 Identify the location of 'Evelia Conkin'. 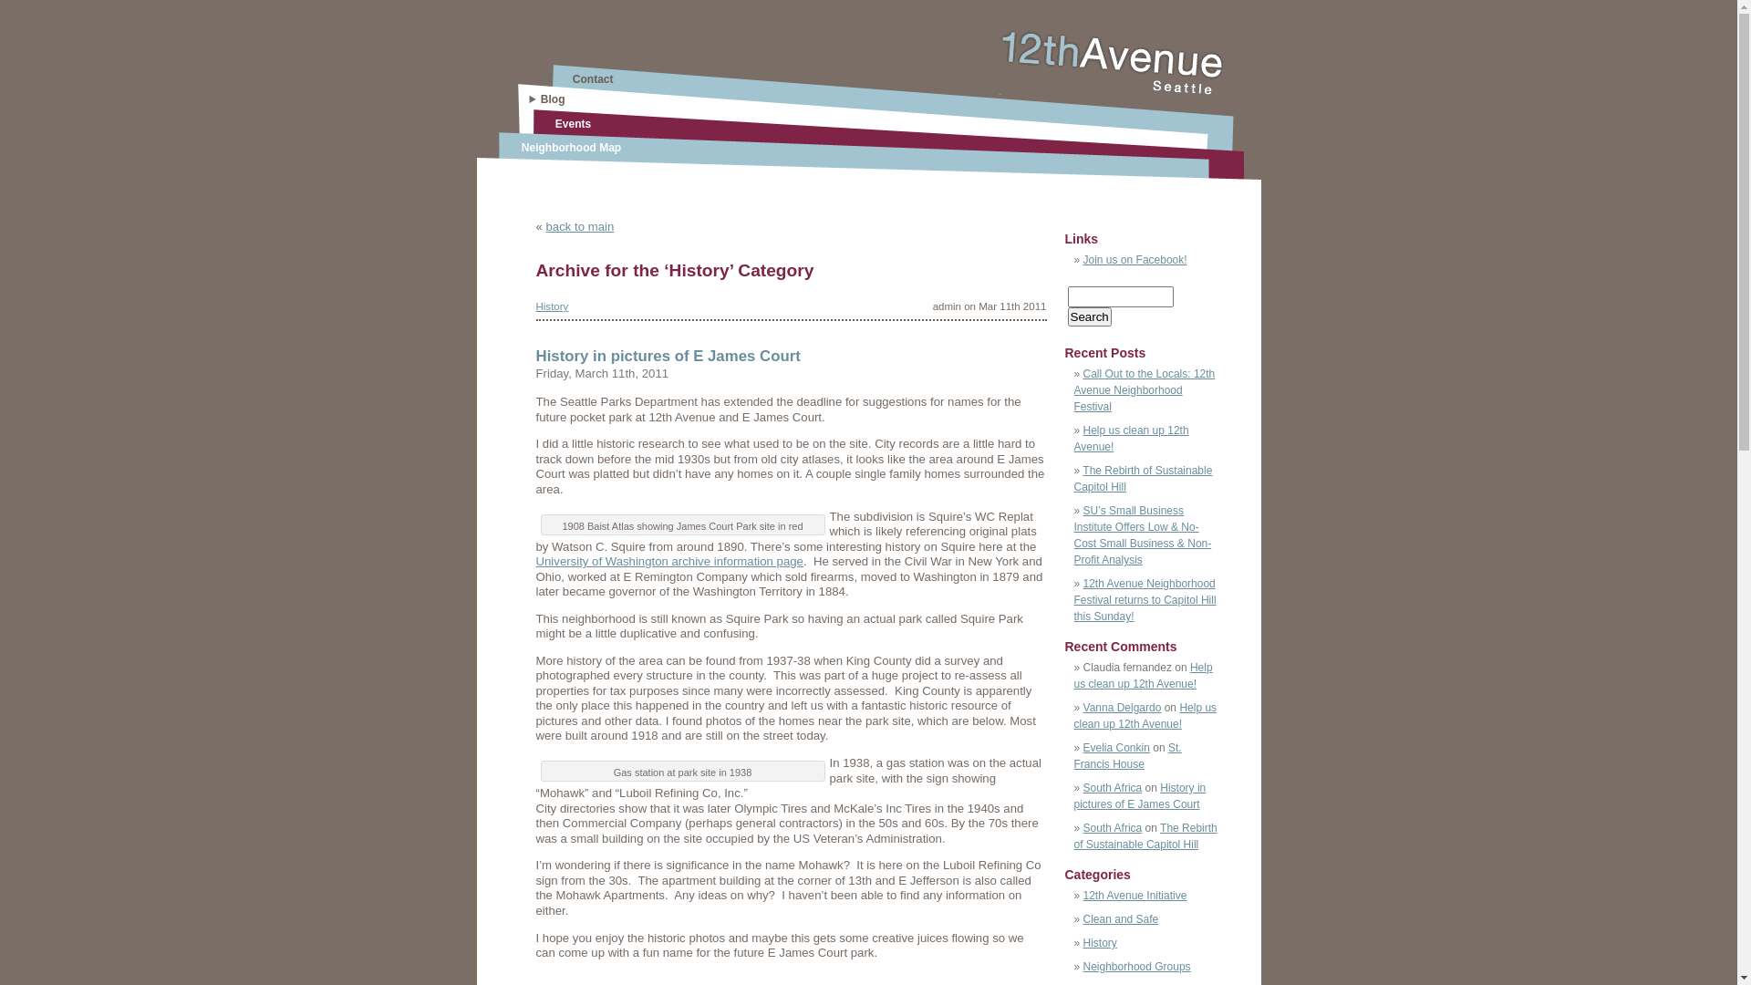
(1115, 748).